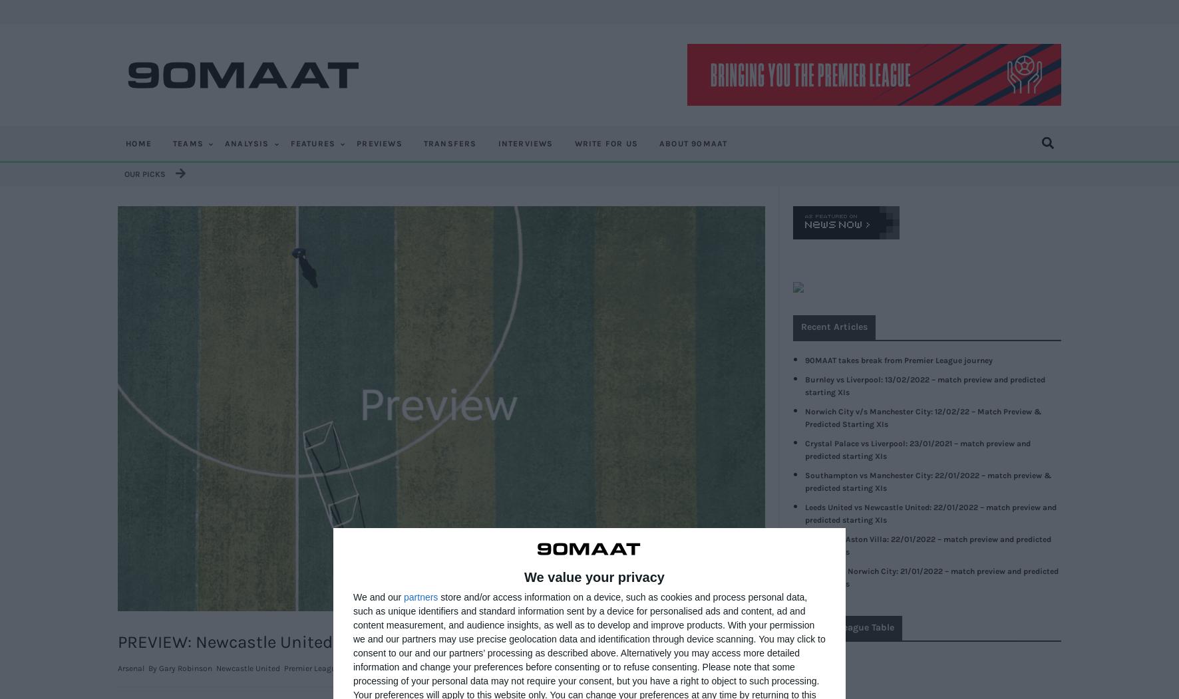 The height and width of the screenshot is (699, 1179). I want to click on 'ABOUT 90MAAT', so click(693, 142).